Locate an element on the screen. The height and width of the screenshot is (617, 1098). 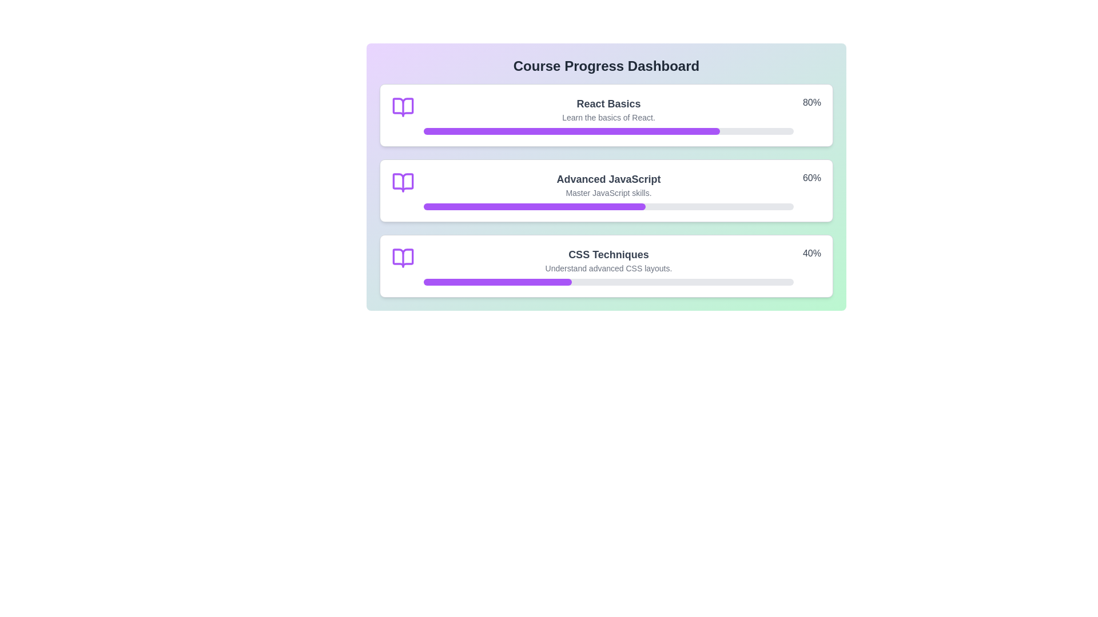
the purple book icon with an open book symbol located in the top-left corner of the first card under the 'Course Progress Dashboard', next to the text labeled 'React Basics' is located at coordinates (403, 107).